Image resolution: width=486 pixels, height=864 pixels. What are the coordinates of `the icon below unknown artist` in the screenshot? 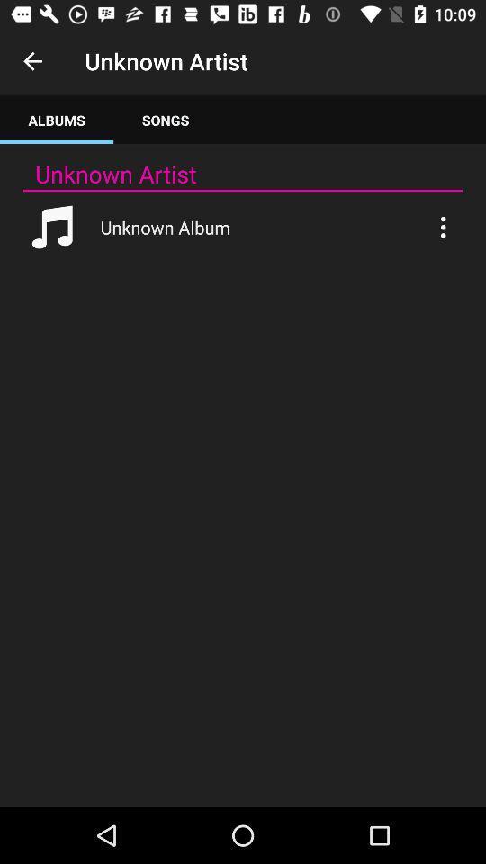 It's located at (166, 119).